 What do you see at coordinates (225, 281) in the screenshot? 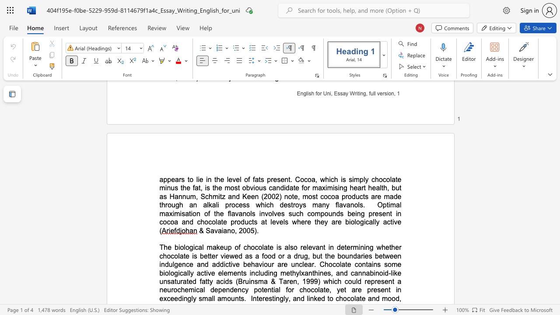
I see `the subset text "ds (Bruinsma & Taren, 19" within the text "some biologically active elements including methylxanthines, and cannabinoid-like unsaturated fatty acids (Bruinsma & Taren, 1999) which could"` at bounding box center [225, 281].